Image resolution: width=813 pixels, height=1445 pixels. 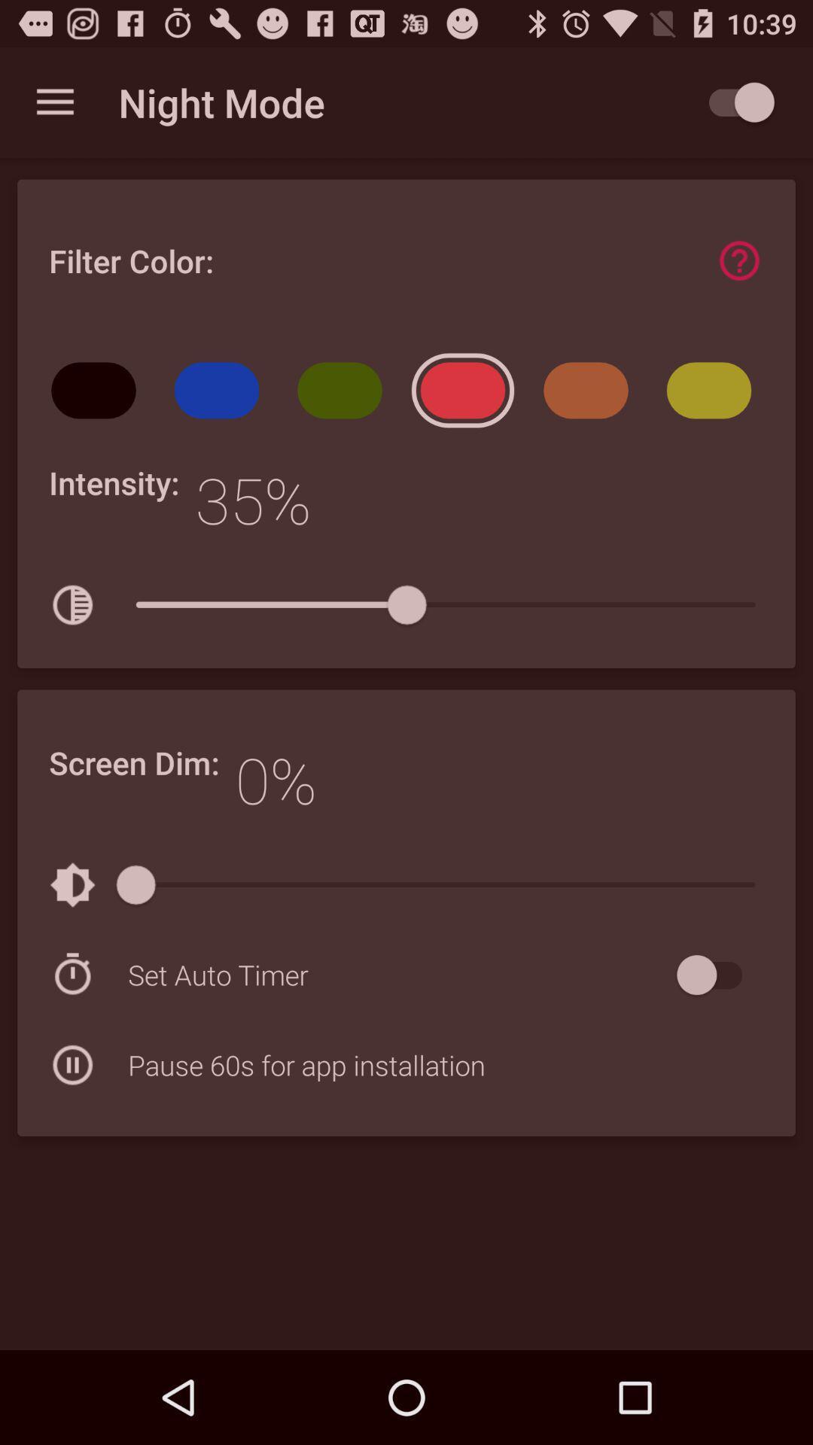 What do you see at coordinates (733, 102) in the screenshot?
I see `turn night mode off/on` at bounding box center [733, 102].